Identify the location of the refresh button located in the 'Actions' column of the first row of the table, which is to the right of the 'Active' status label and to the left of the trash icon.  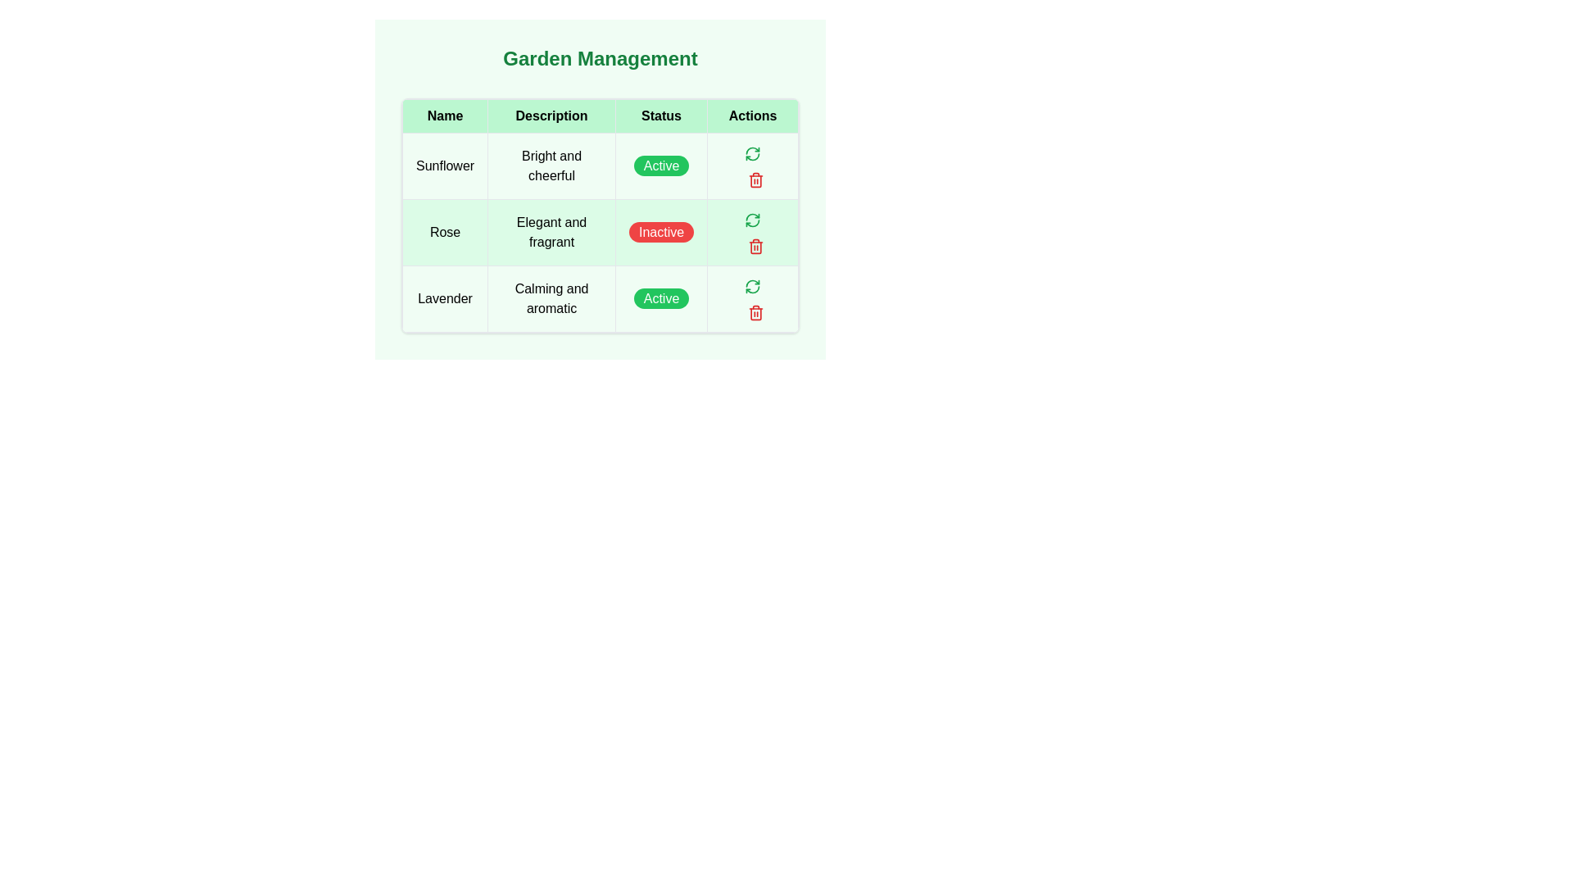
(751, 152).